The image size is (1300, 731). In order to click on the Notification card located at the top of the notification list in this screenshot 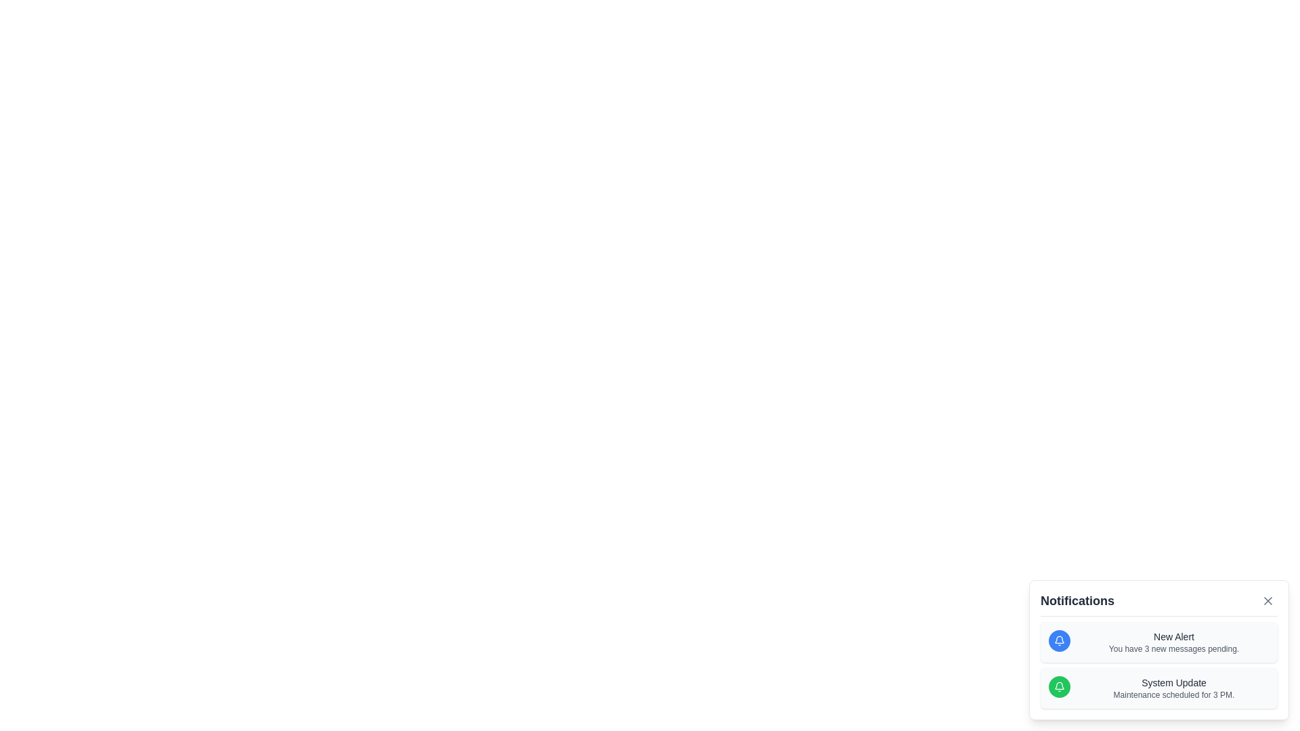, I will do `click(1158, 641)`.